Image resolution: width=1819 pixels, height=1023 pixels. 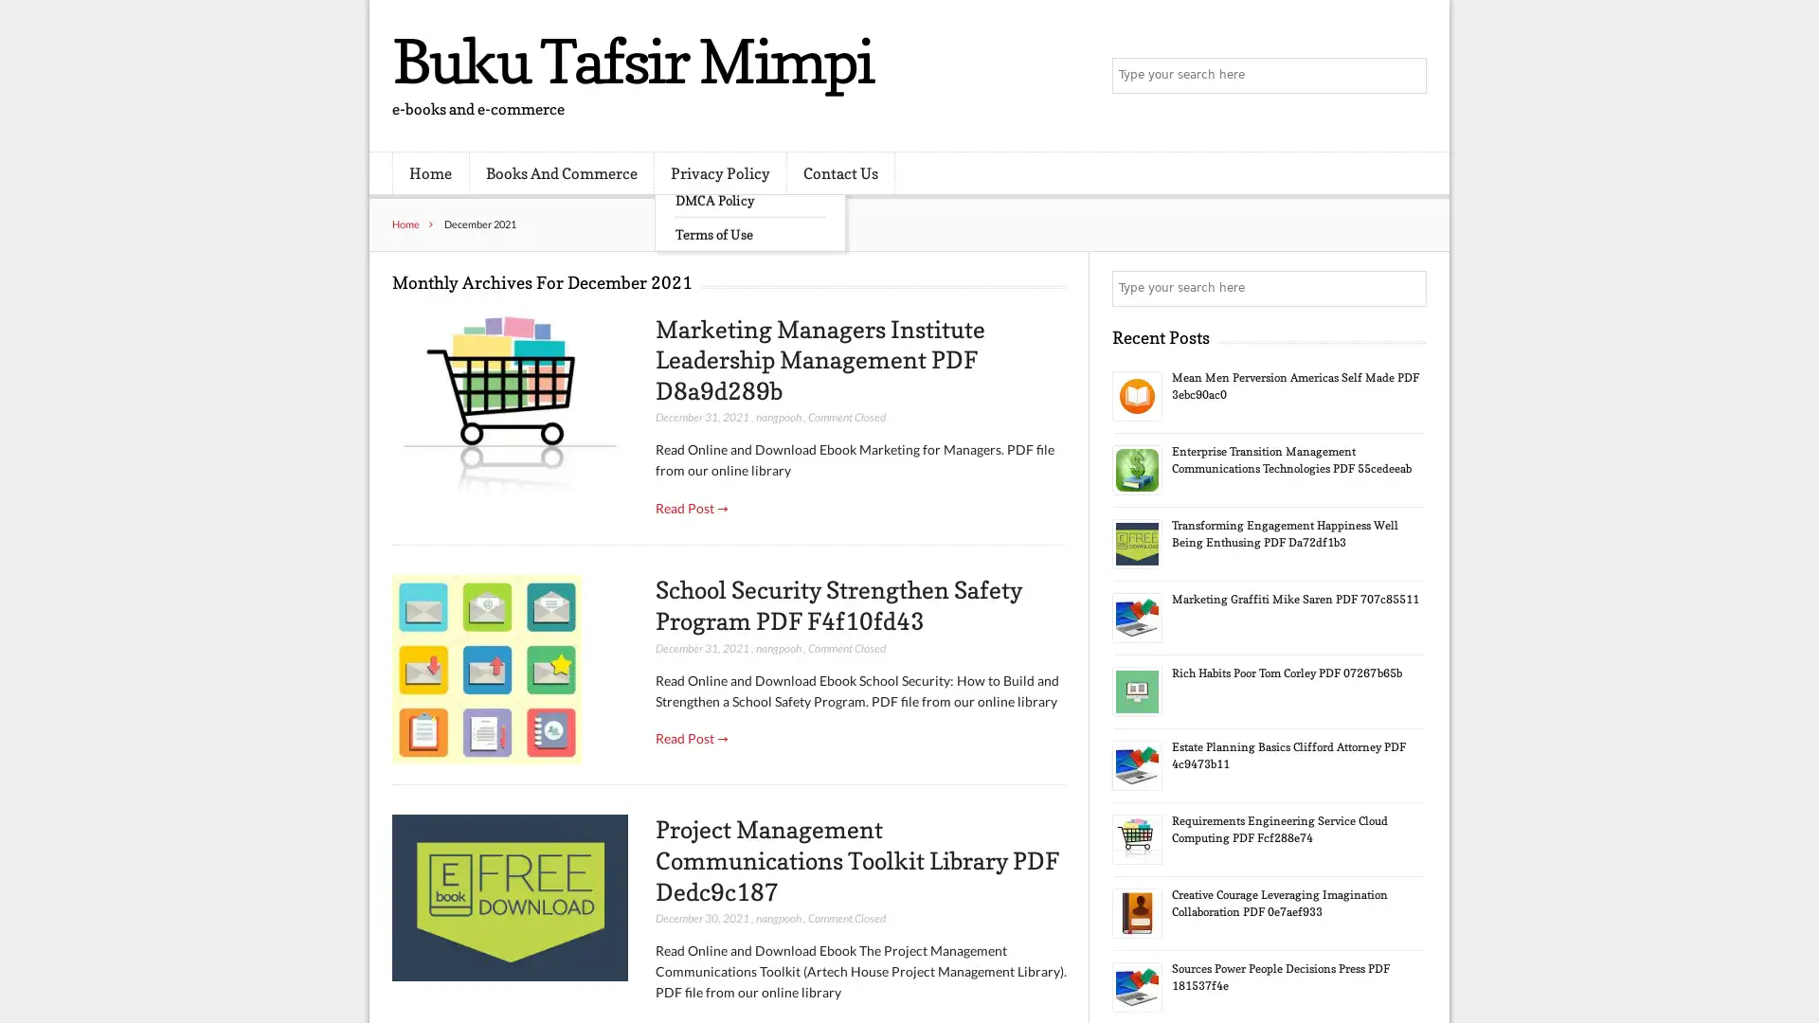 I want to click on Search, so click(x=1407, y=288).